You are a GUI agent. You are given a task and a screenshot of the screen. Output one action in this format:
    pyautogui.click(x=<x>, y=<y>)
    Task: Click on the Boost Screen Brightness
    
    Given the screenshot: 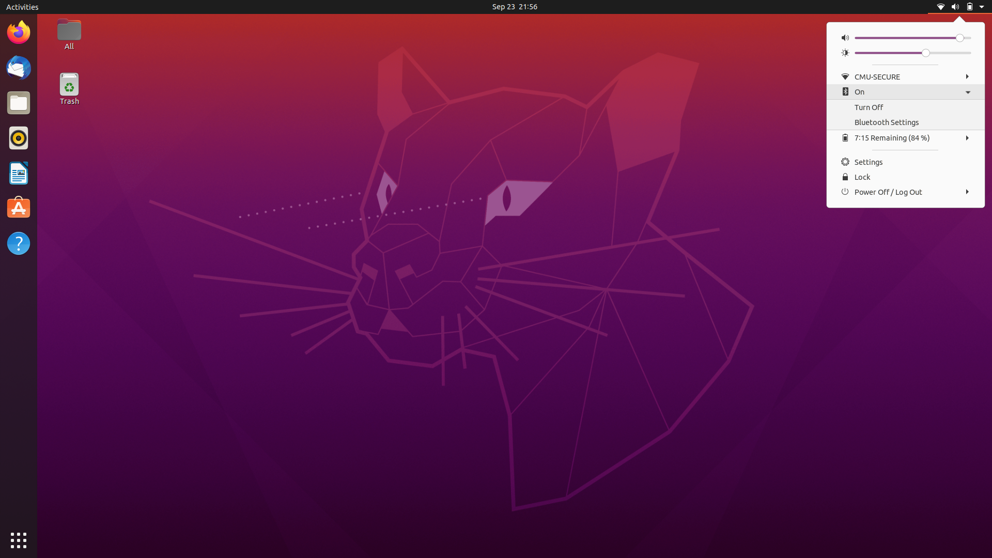 What is the action you would take?
    pyautogui.click(x=966, y=54)
    